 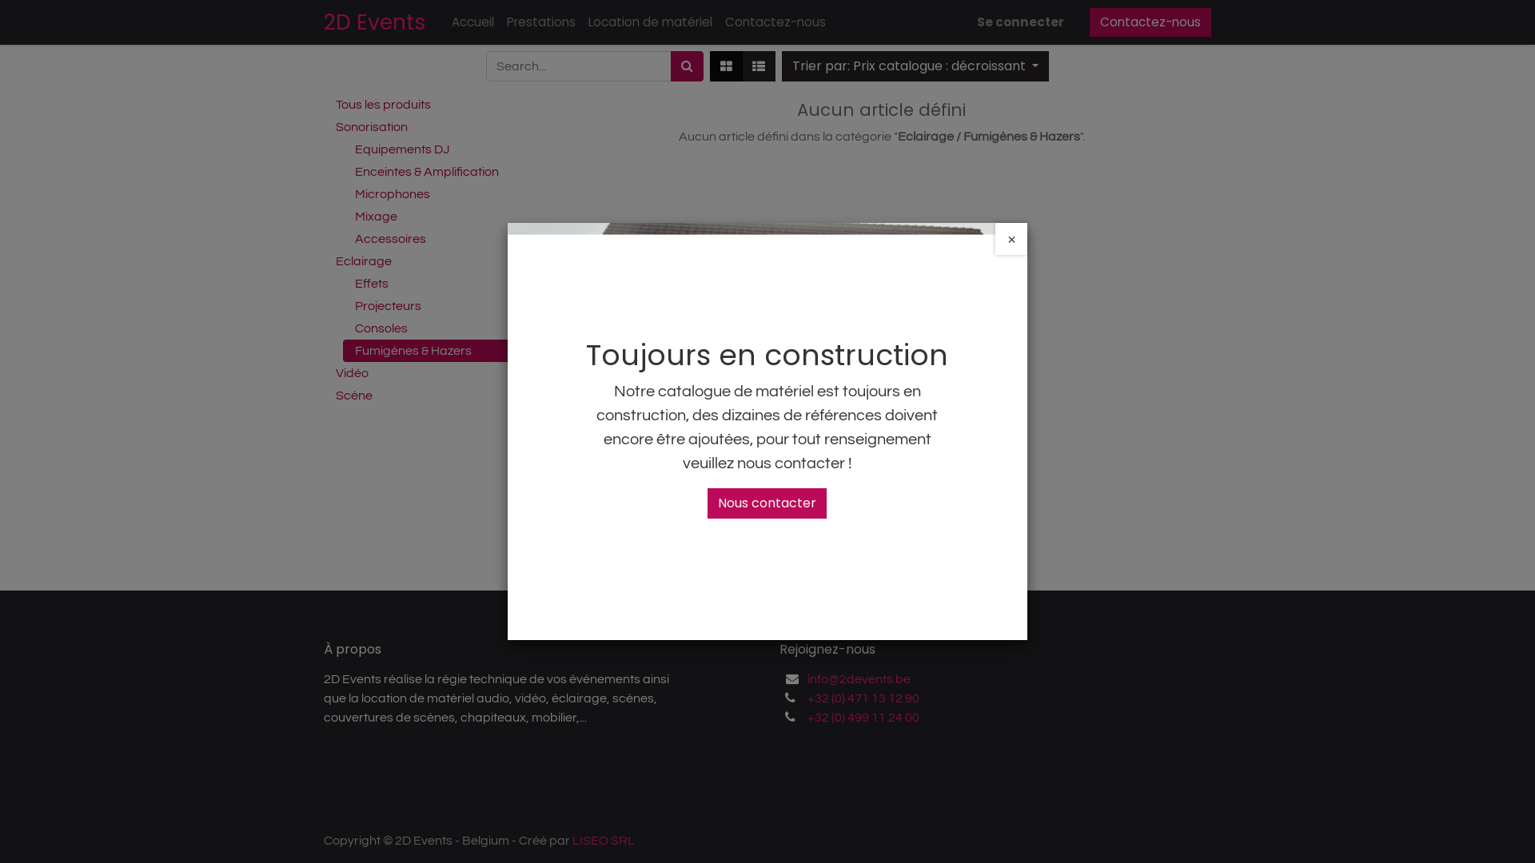 I want to click on 'Rechercher', so click(x=671, y=66).